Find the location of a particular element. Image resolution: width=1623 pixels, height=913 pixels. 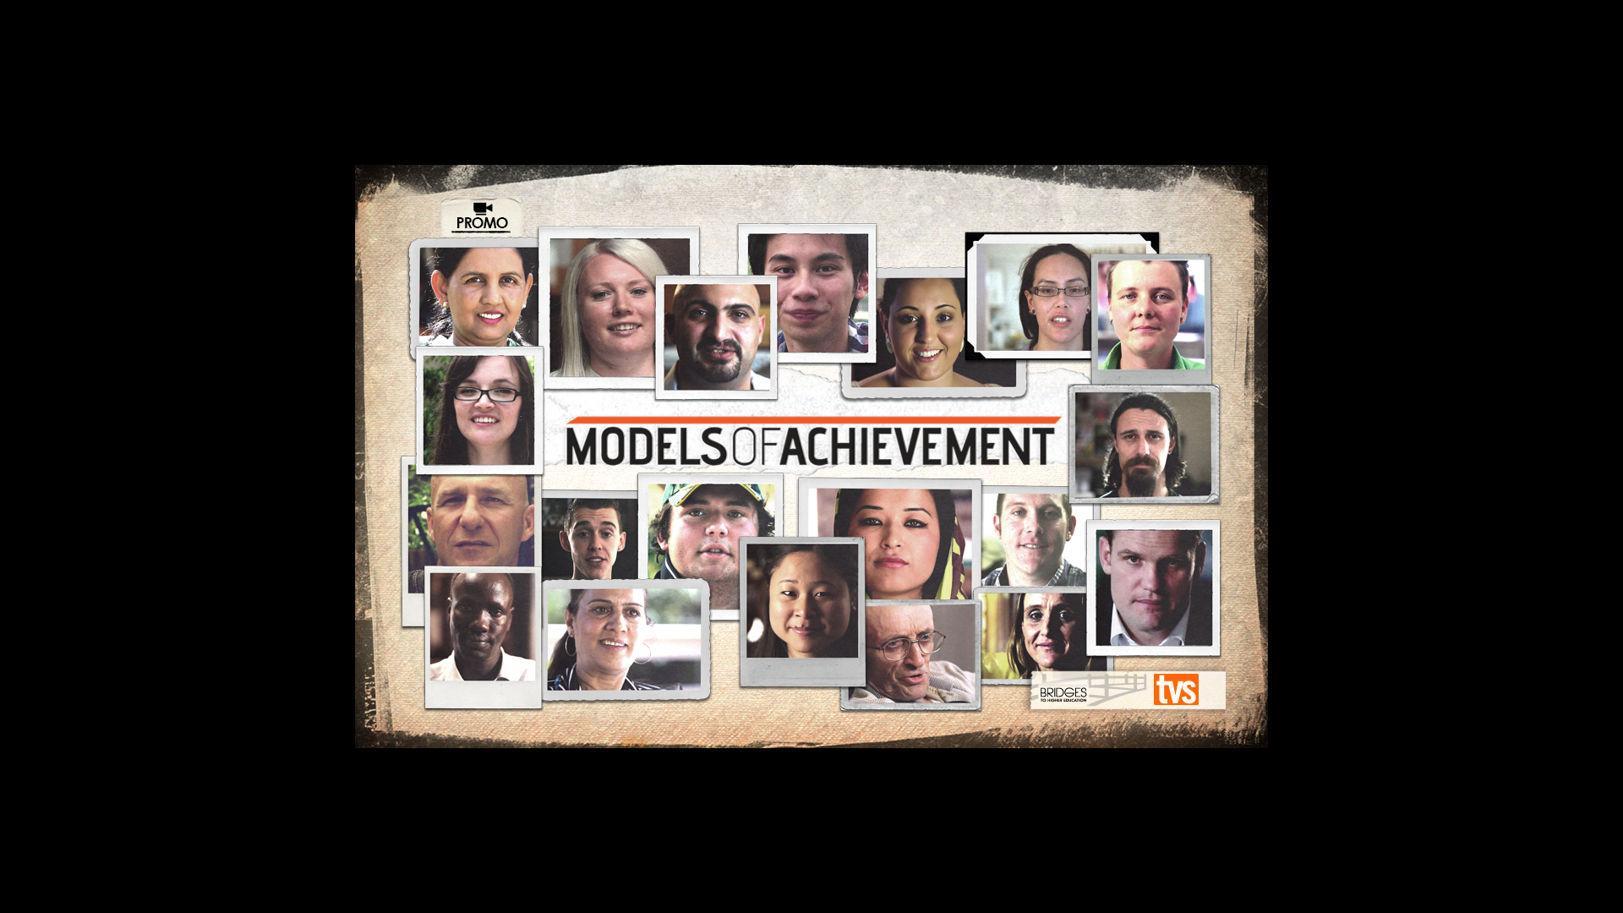

'Watch the promo' is located at coordinates (481, 217).